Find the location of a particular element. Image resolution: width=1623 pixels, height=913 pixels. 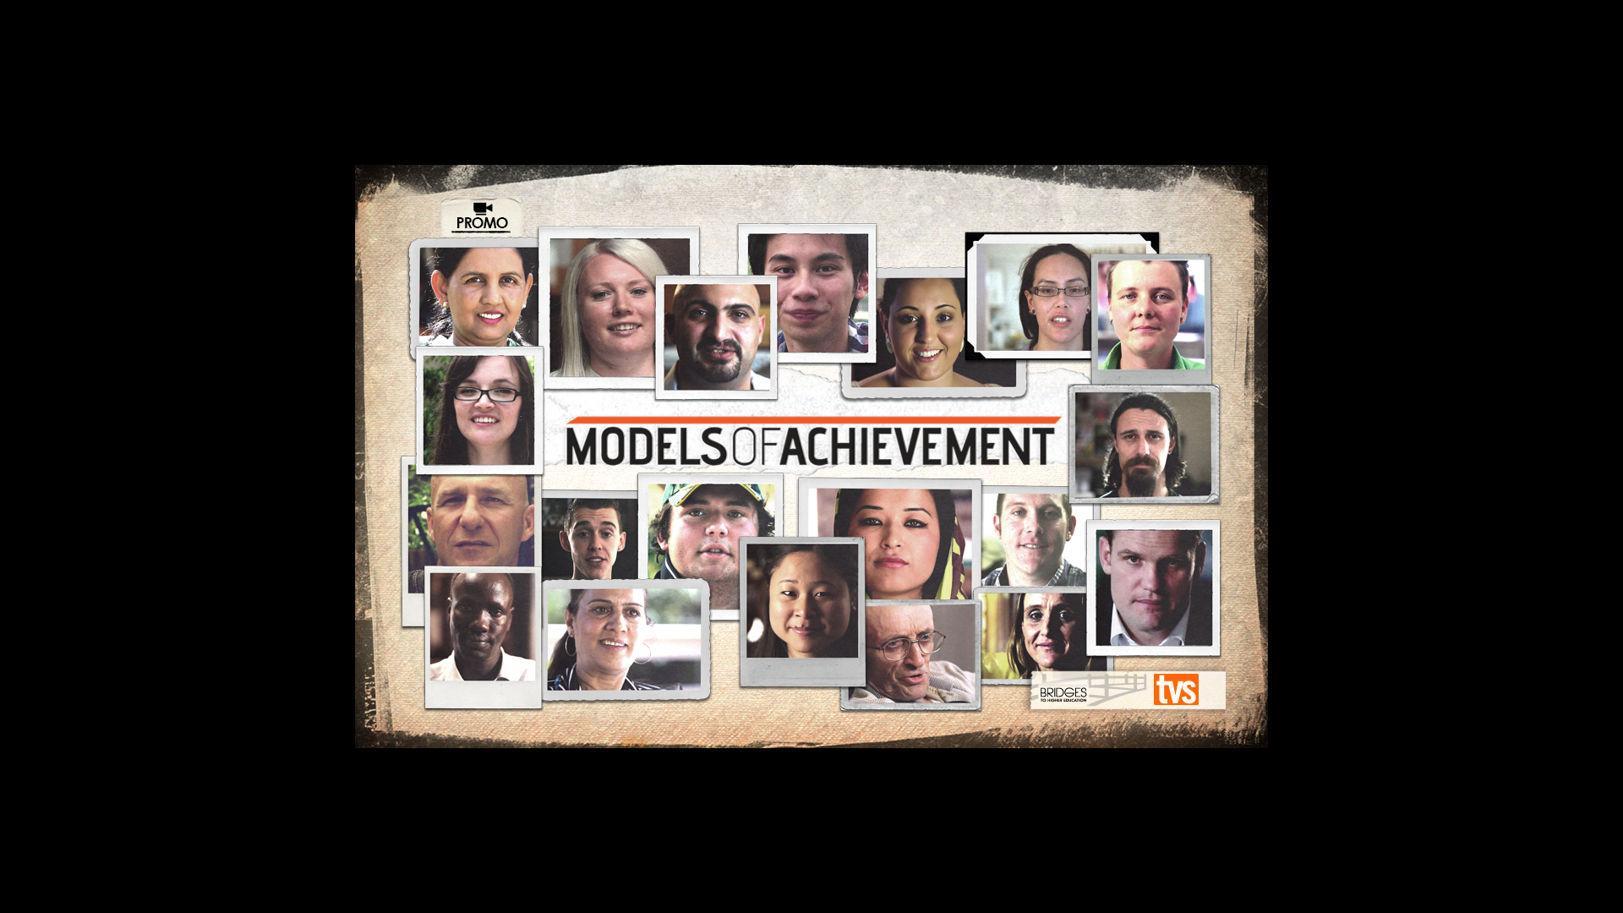

'Watch the promo' is located at coordinates (481, 217).